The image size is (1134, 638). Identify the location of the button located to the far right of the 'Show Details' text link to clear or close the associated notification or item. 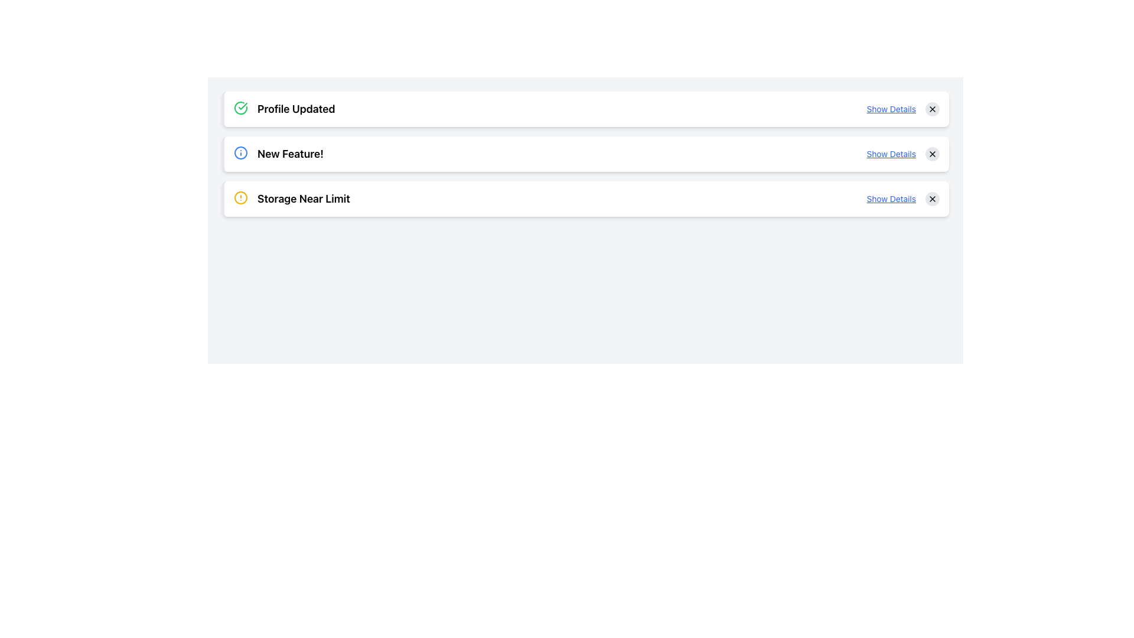
(932, 109).